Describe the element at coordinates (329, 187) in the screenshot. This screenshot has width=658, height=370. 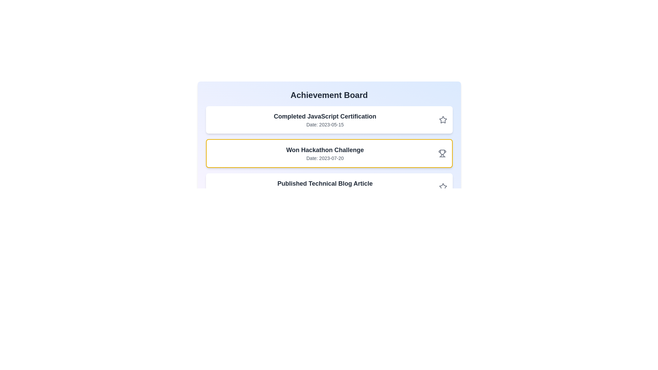
I see `the achievement card with title Published Technical Blog Article` at that location.